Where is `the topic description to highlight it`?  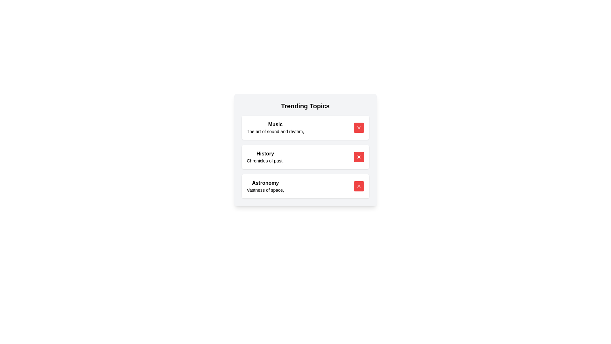
the topic description to highlight it is located at coordinates (275, 131).